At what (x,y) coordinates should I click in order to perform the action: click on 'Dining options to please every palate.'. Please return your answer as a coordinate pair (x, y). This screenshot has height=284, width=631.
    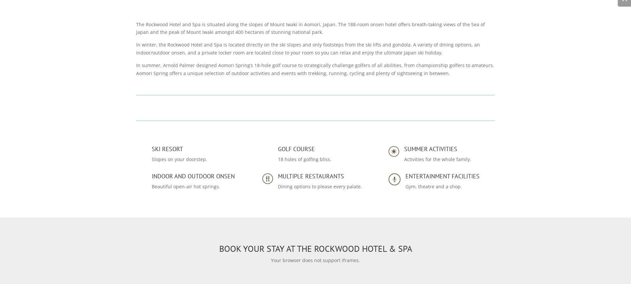
    Looking at the image, I should click on (319, 186).